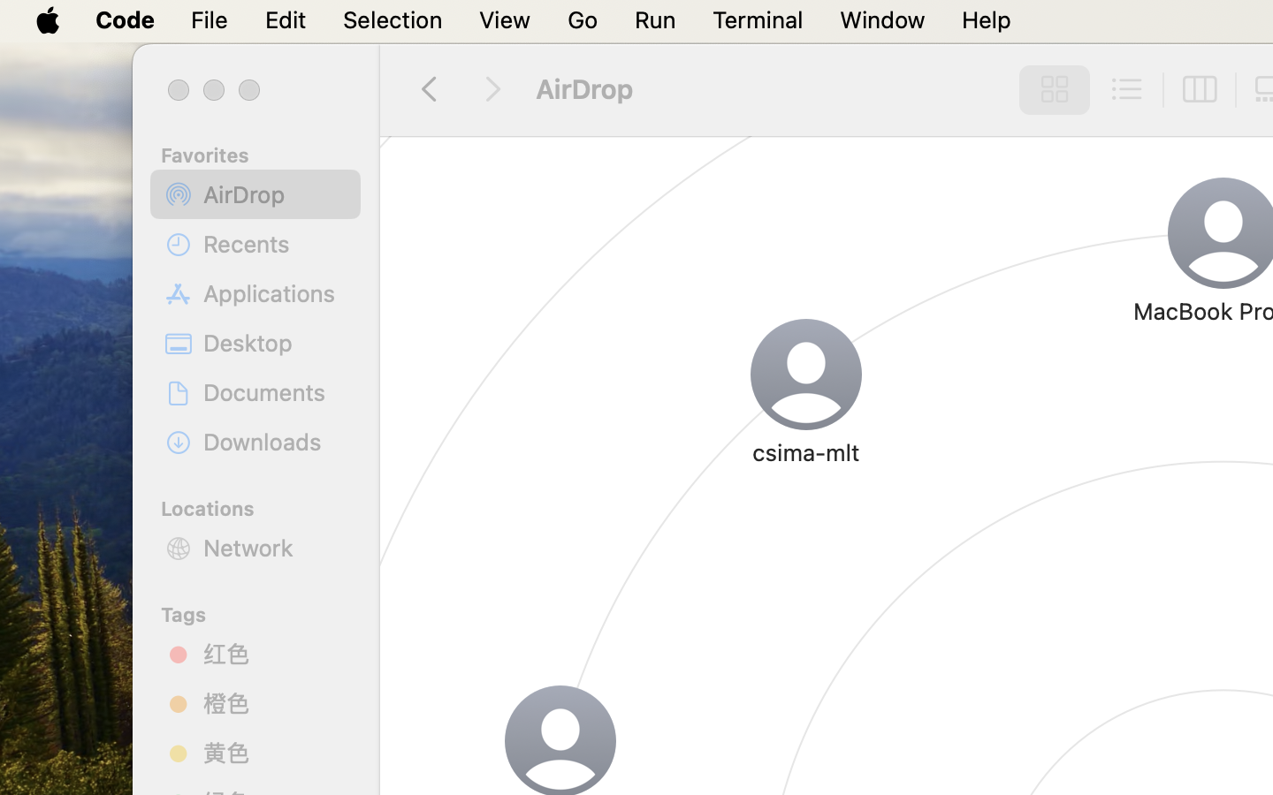 The image size is (1273, 795). What do you see at coordinates (275, 243) in the screenshot?
I see `'Recents'` at bounding box center [275, 243].